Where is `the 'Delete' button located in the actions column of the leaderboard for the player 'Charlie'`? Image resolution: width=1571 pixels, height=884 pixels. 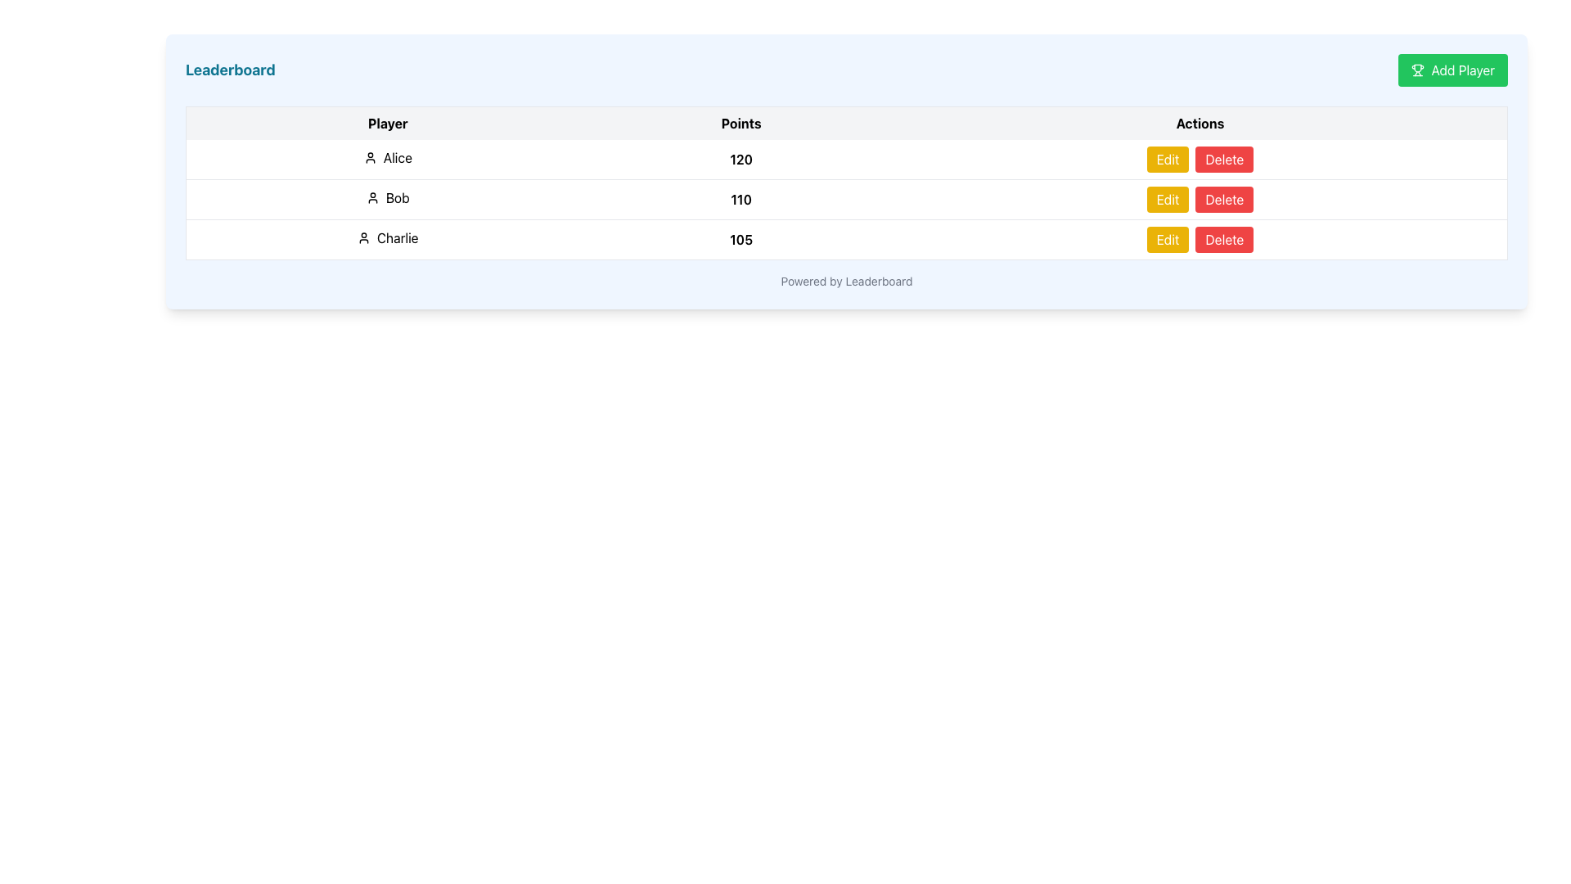 the 'Delete' button located in the actions column of the leaderboard for the player 'Charlie' is located at coordinates (1224, 240).